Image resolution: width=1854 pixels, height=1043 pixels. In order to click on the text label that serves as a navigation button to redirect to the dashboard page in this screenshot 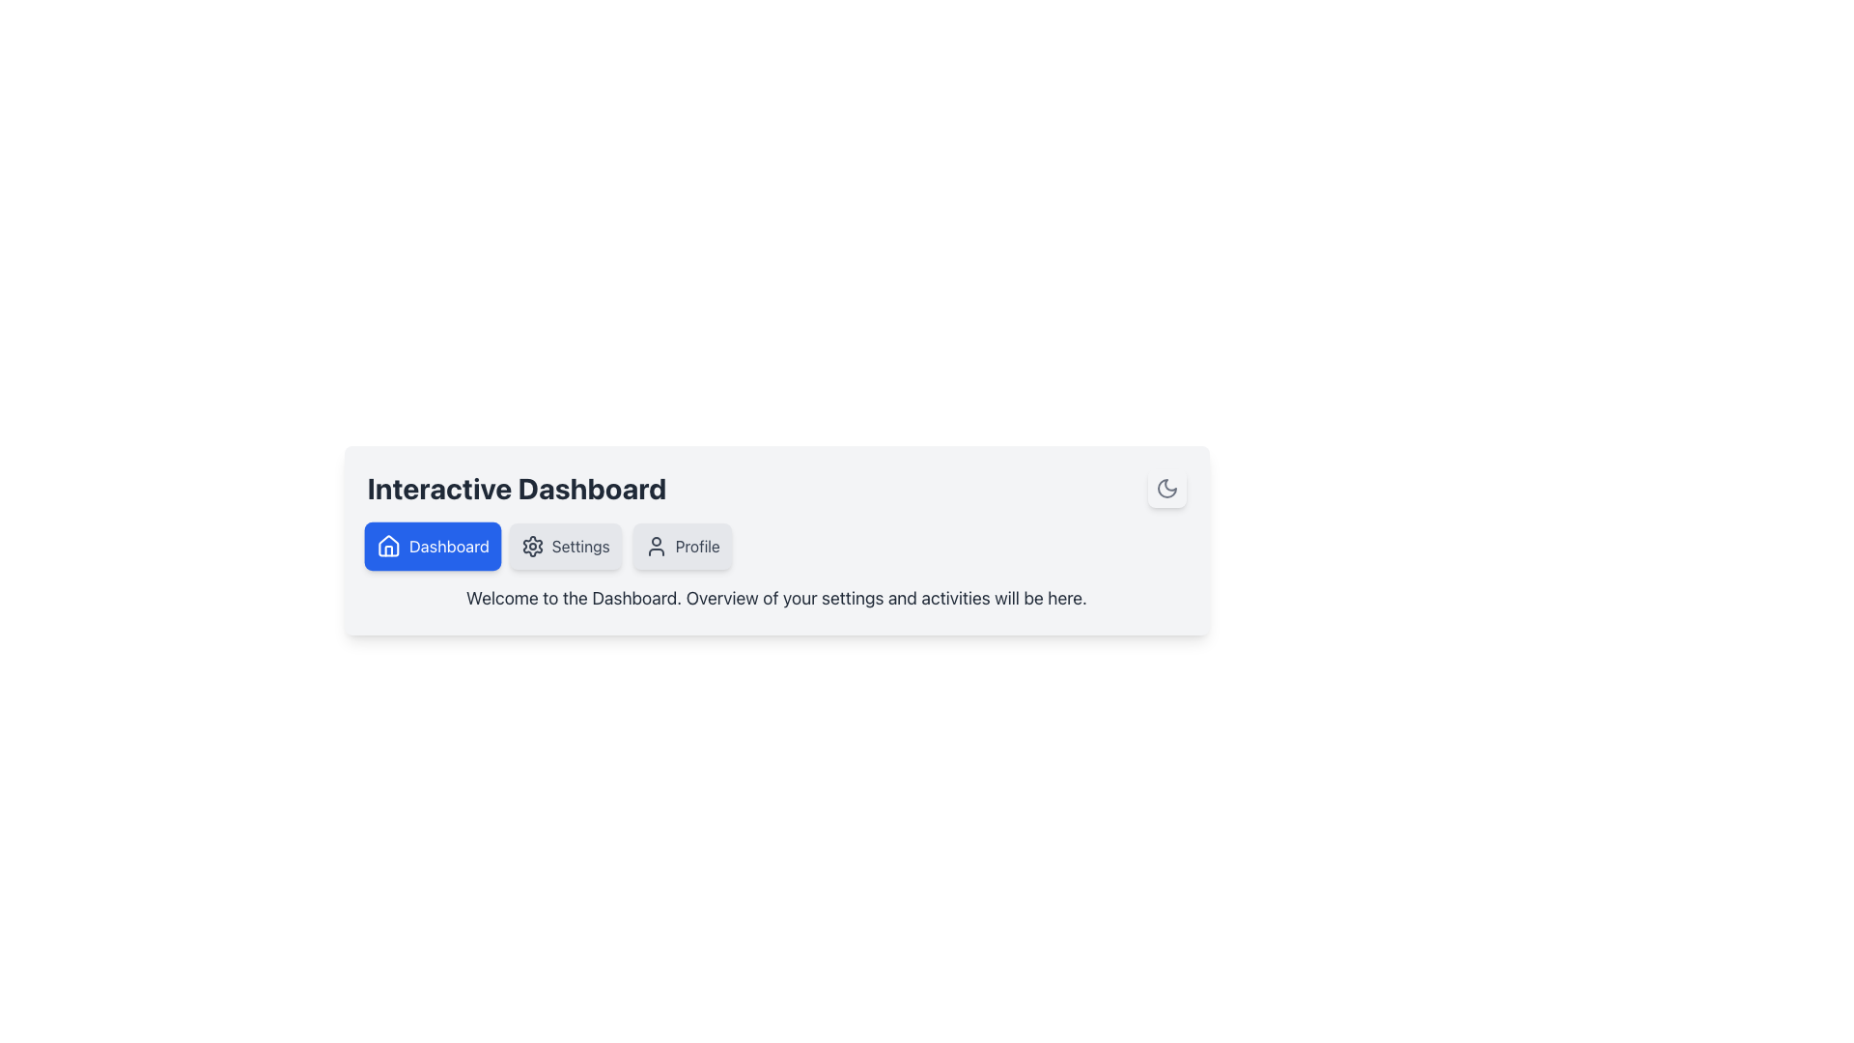, I will do `click(447, 547)`.